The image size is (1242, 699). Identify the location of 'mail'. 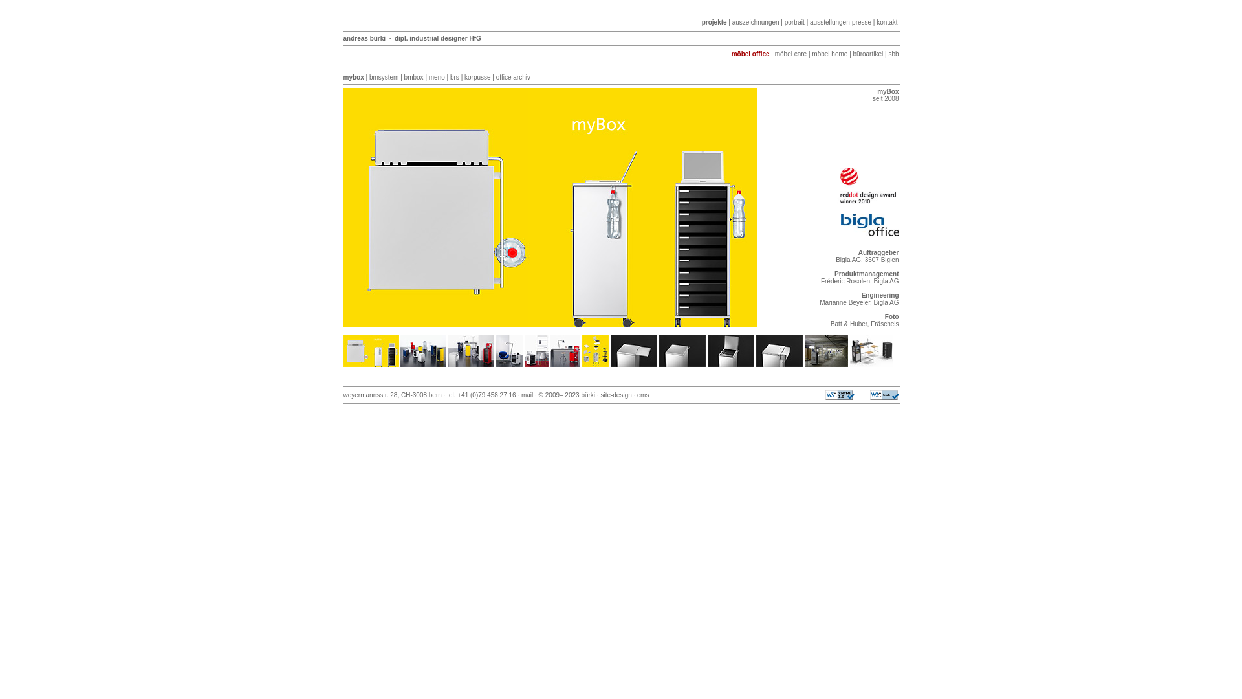
(527, 394).